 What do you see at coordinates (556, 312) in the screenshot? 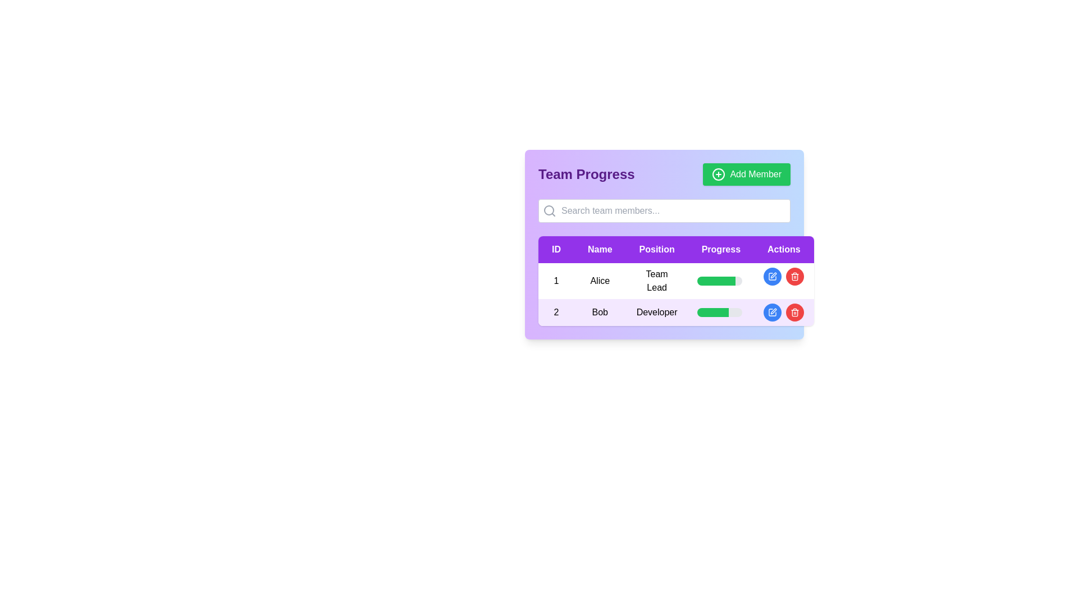
I see `the static text element in the first column of the second row of the table, which serves as the unique identifier for the record, positioned to the left of 'Bob'` at bounding box center [556, 312].